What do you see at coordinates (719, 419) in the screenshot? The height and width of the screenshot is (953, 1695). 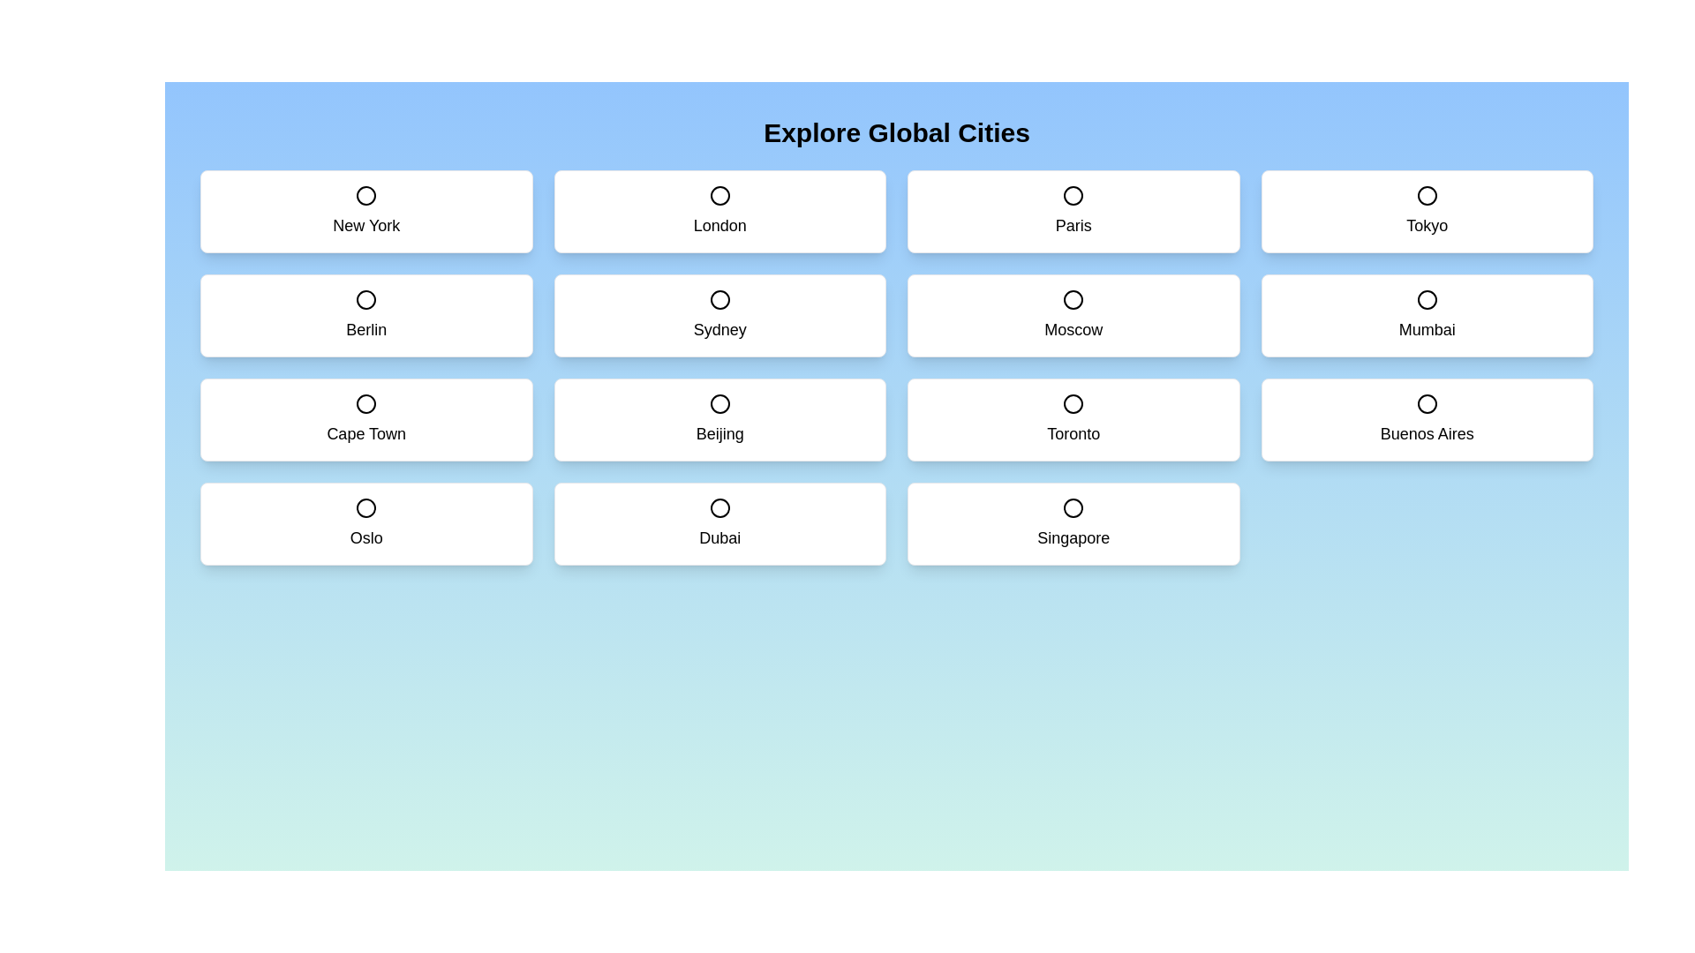 I see `the city card labeled Beijing to toggle its selection state` at bounding box center [719, 419].